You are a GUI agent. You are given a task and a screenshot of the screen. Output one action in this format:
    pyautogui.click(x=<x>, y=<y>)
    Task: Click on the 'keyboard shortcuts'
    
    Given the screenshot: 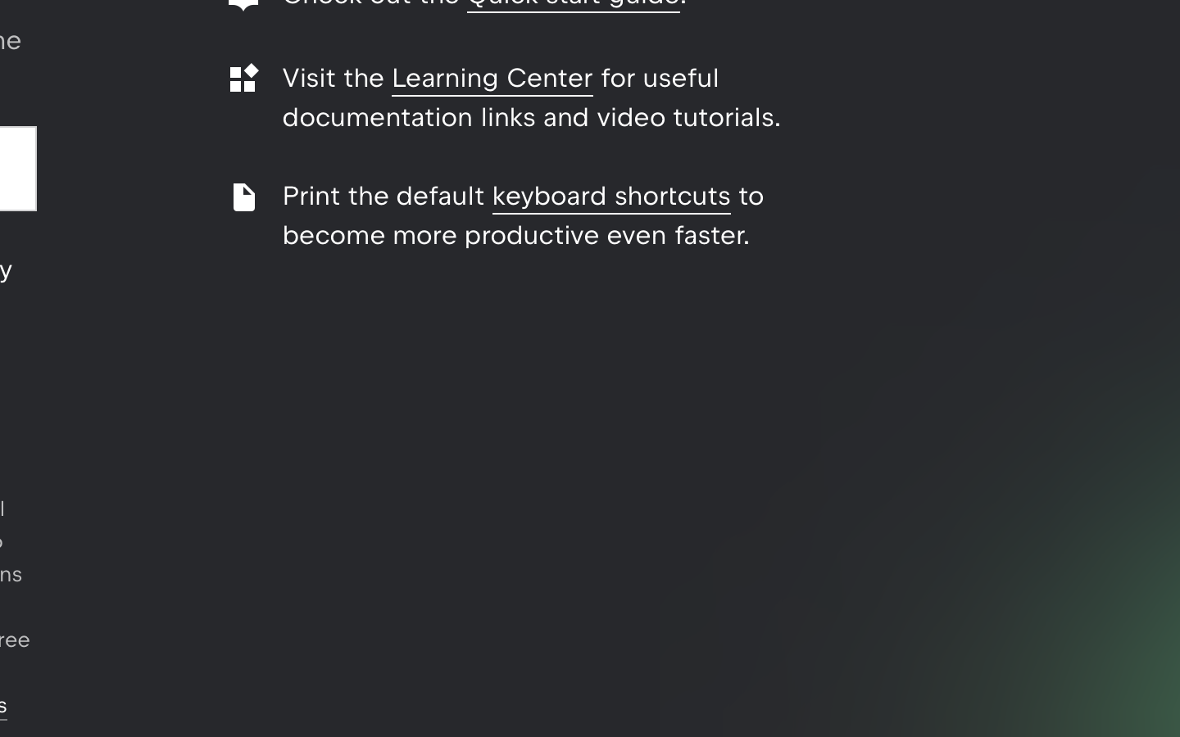 What is the action you would take?
    pyautogui.click(x=610, y=195)
    